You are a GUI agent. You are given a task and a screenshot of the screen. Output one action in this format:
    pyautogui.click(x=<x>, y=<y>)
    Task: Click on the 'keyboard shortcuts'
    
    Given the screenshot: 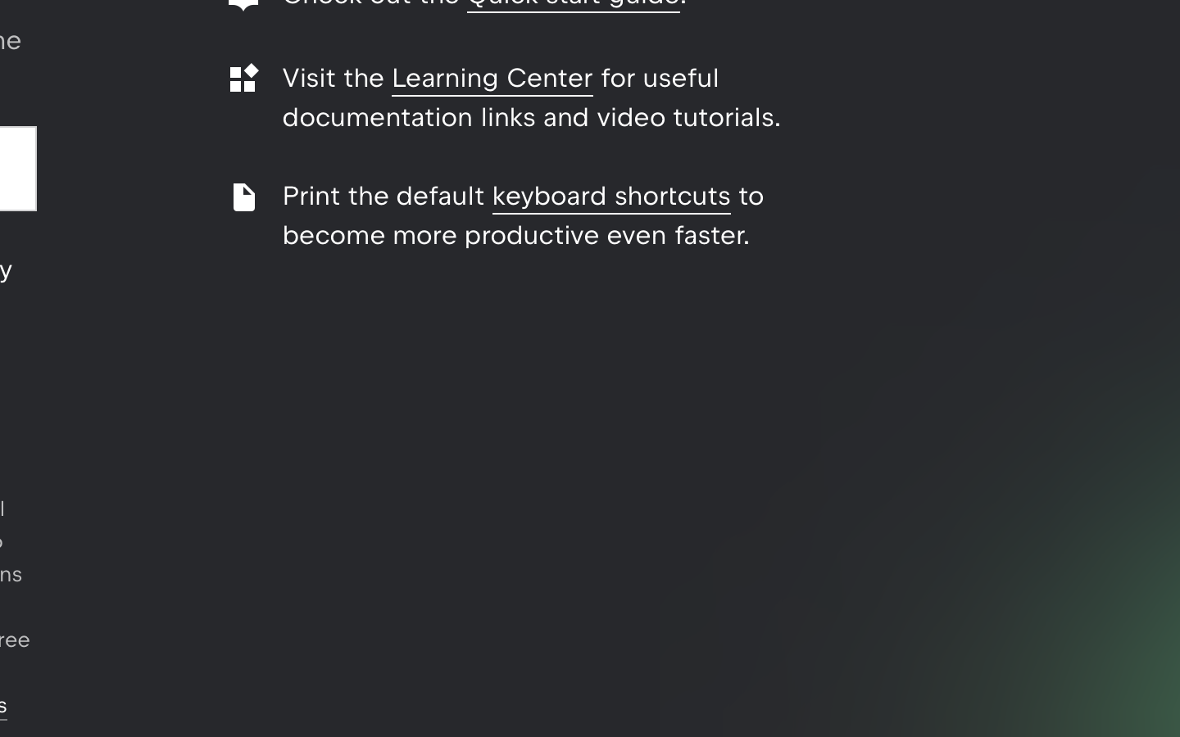 What is the action you would take?
    pyautogui.click(x=610, y=195)
    